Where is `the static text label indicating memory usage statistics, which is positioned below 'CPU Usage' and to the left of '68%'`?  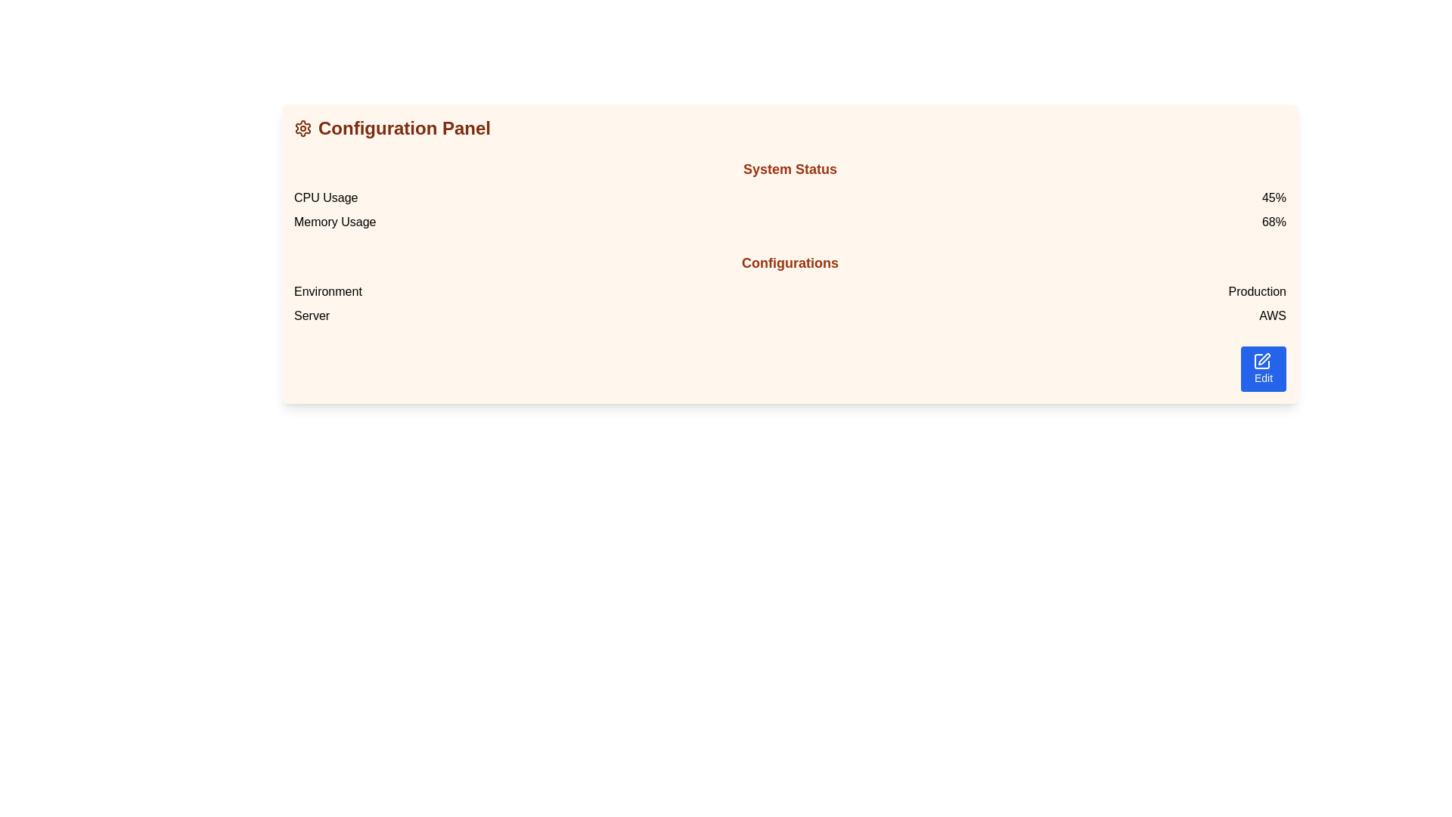
the static text label indicating memory usage statistics, which is positioned below 'CPU Usage' and to the left of '68%' is located at coordinates (334, 222).